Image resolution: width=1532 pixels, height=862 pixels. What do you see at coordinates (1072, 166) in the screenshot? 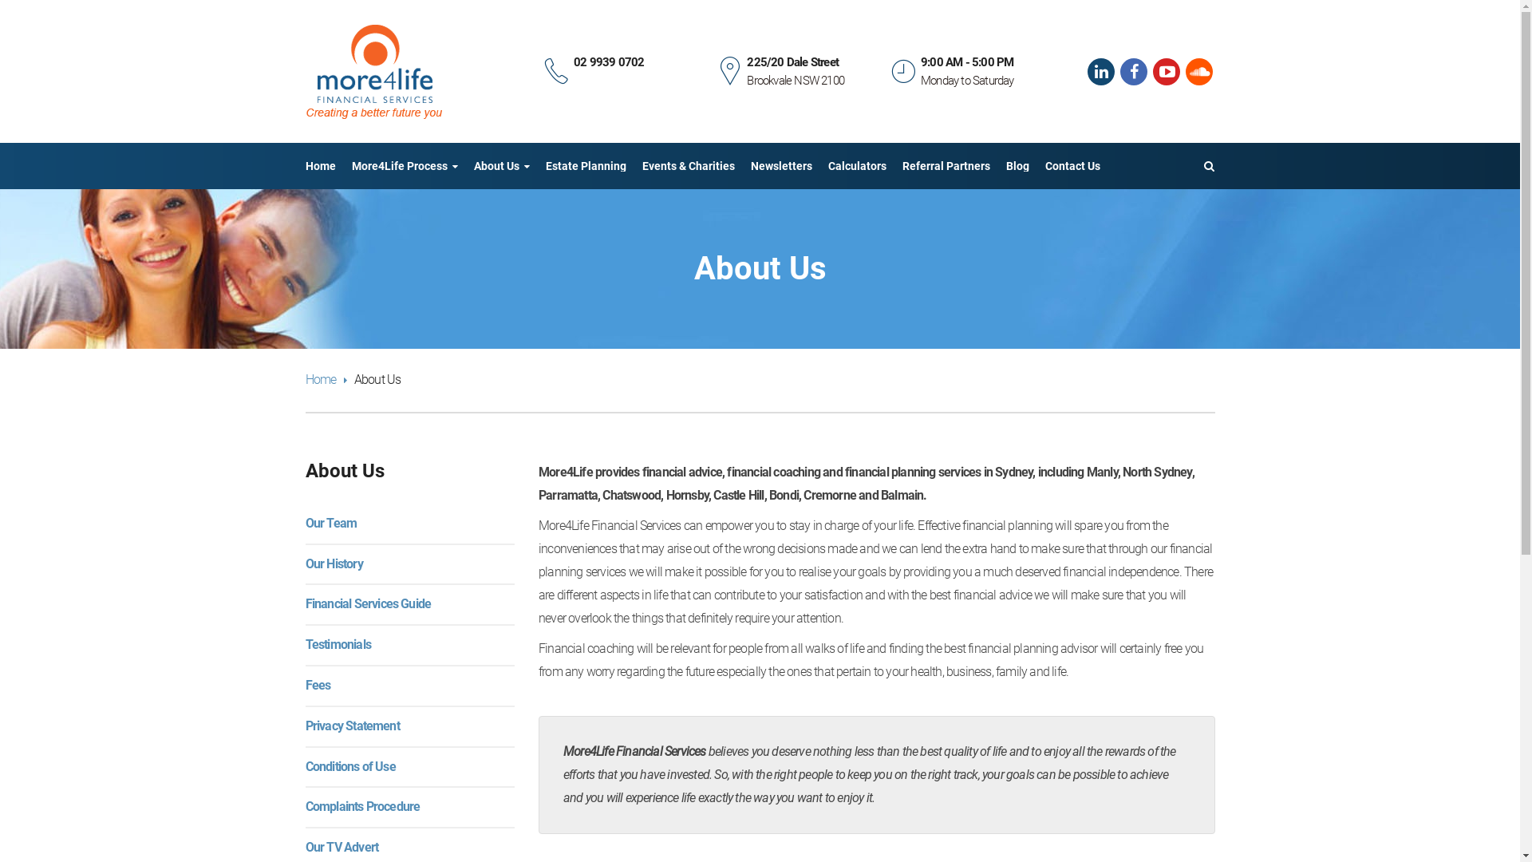
I see `'Contact Us'` at bounding box center [1072, 166].